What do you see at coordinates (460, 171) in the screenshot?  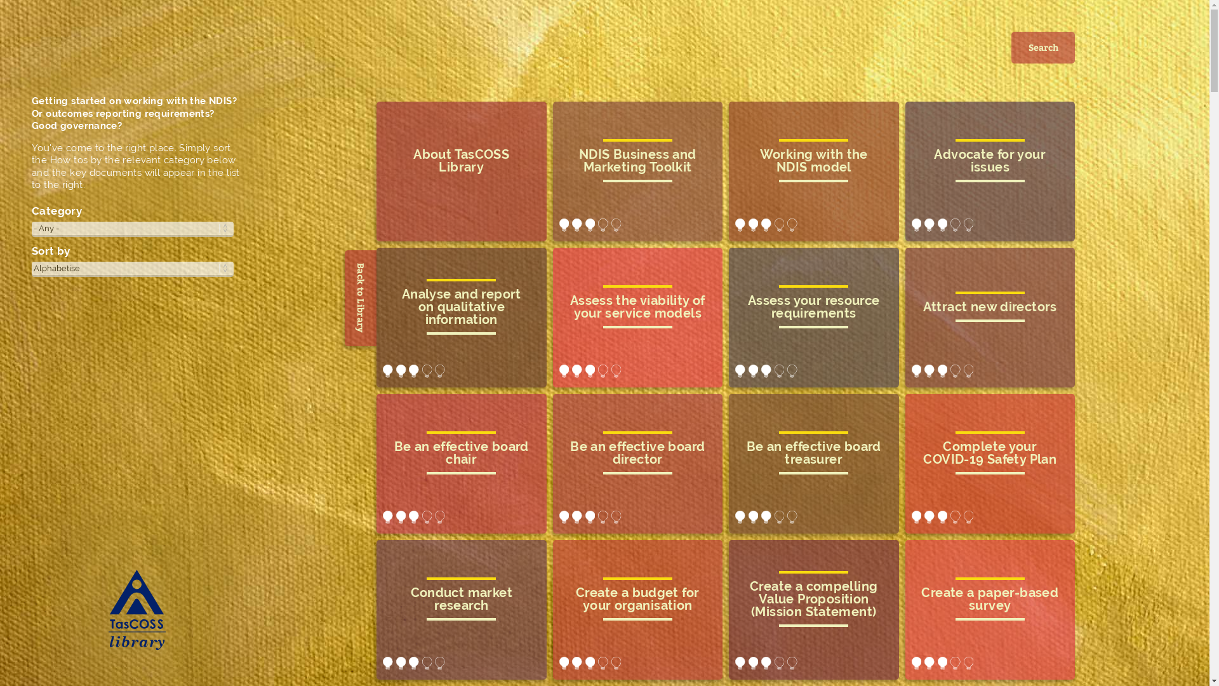 I see `'About TasCOSS Library'` at bounding box center [460, 171].